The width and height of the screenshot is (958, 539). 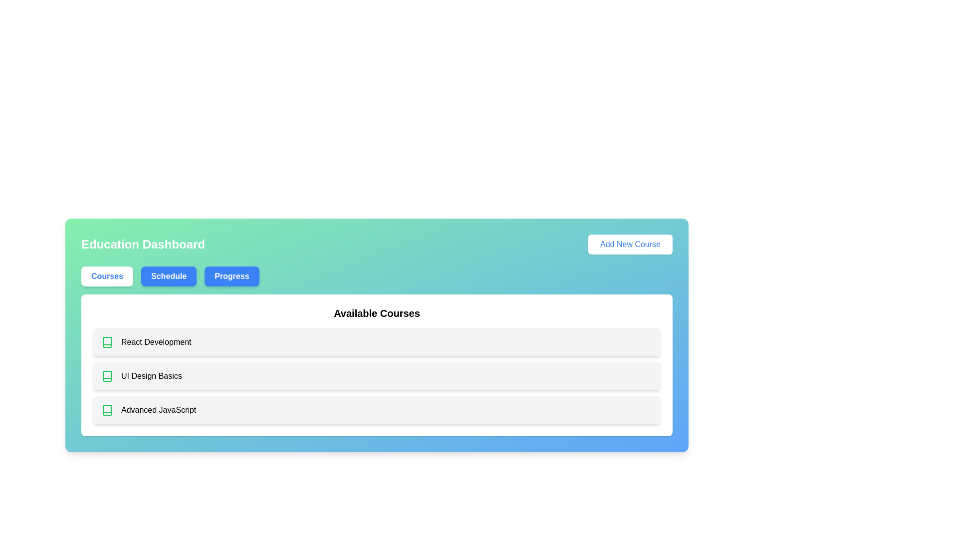 What do you see at coordinates (107, 410) in the screenshot?
I see `the green open book icon located to the left of the 'Advanced JavaScript' text in the third row under the 'Available Courses' section` at bounding box center [107, 410].